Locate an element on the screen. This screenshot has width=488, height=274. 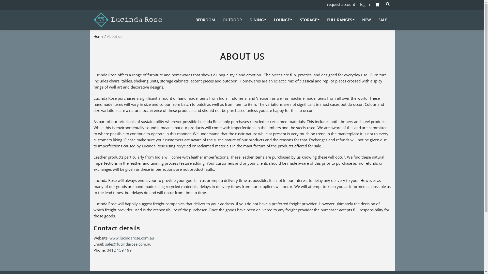
'Shopping cart button' is located at coordinates (377, 5).